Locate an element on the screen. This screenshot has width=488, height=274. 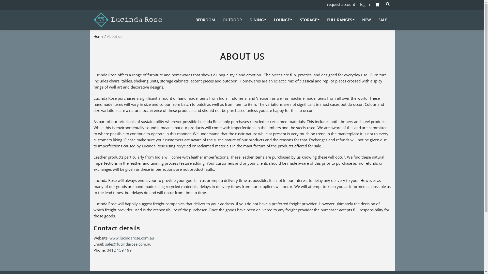
'Shopping cart button' is located at coordinates (377, 5).